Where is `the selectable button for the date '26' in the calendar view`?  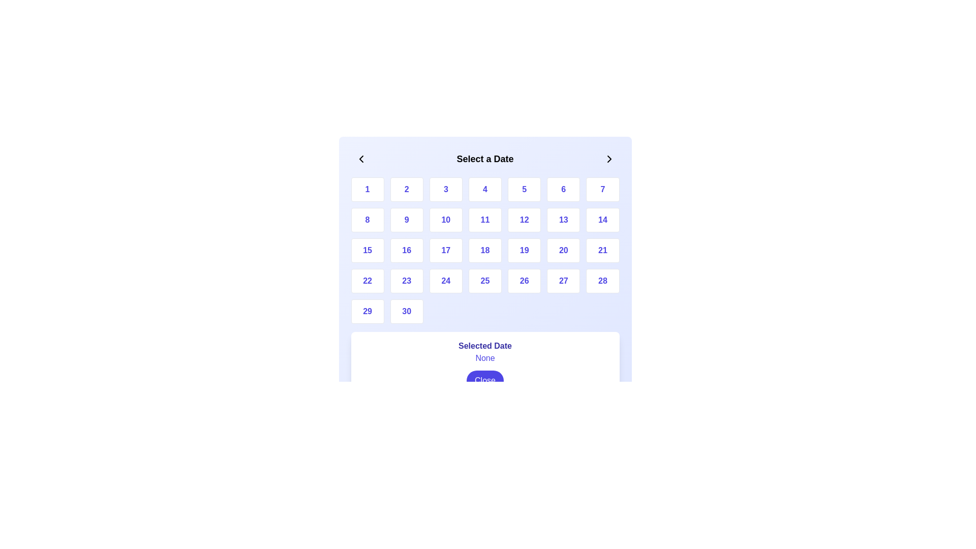
the selectable button for the date '26' in the calendar view is located at coordinates (524, 281).